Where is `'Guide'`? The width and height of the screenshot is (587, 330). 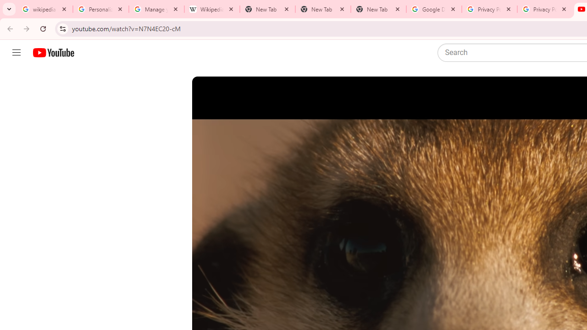
'Guide' is located at coordinates (16, 53).